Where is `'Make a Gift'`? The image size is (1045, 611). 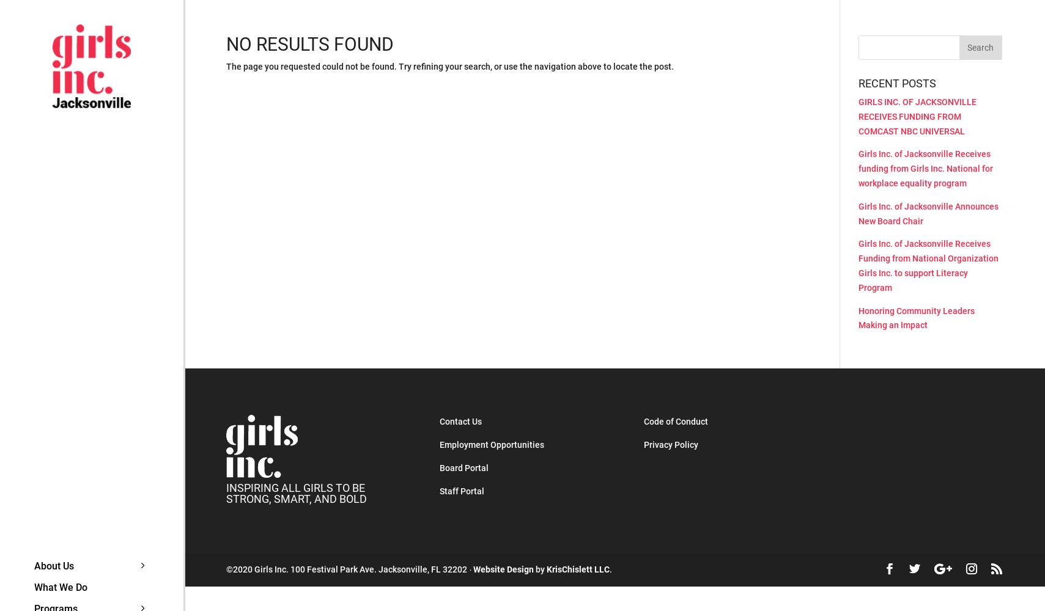 'Make a Gift' is located at coordinates (227, 568).